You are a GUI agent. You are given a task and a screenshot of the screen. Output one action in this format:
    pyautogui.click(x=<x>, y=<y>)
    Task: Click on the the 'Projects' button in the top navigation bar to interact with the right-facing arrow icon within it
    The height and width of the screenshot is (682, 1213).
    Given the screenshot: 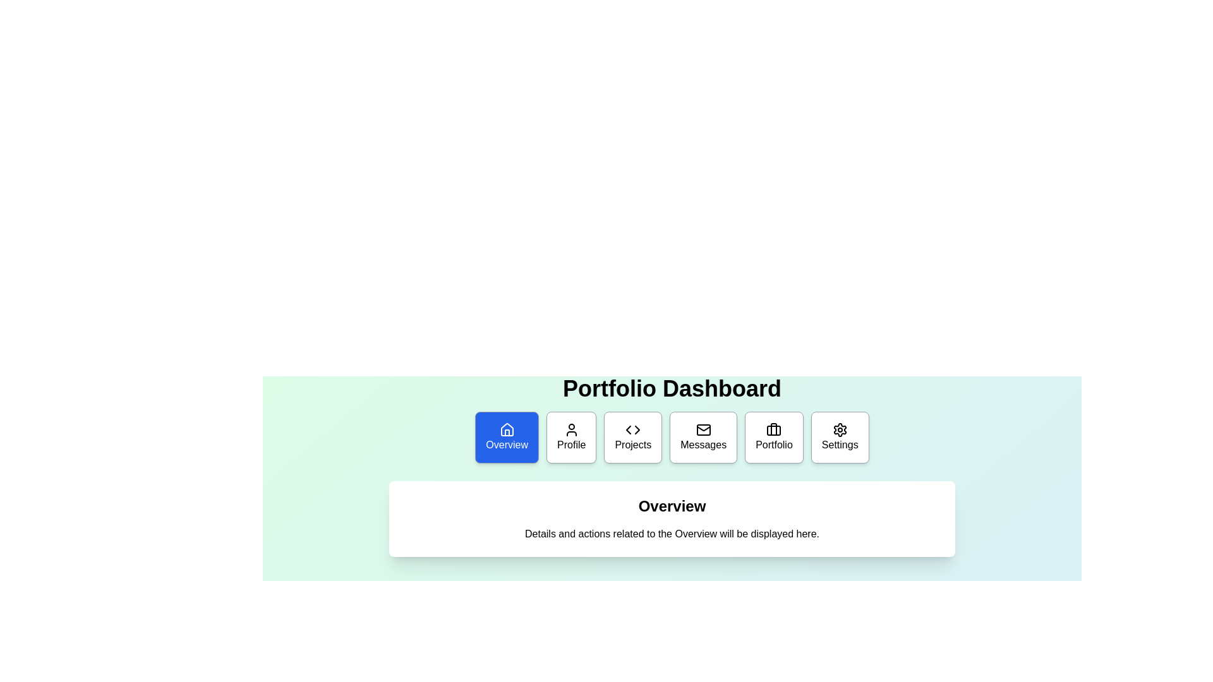 What is the action you would take?
    pyautogui.click(x=637, y=429)
    